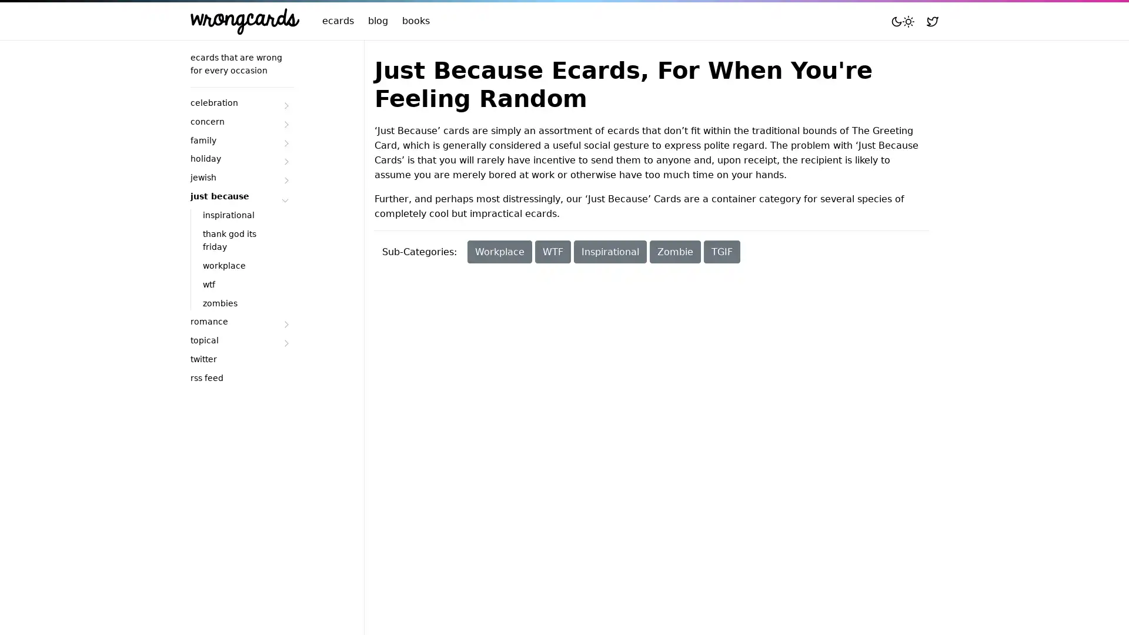 This screenshot has height=635, width=1129. Describe the element at coordinates (285, 142) in the screenshot. I see `Submenu` at that location.